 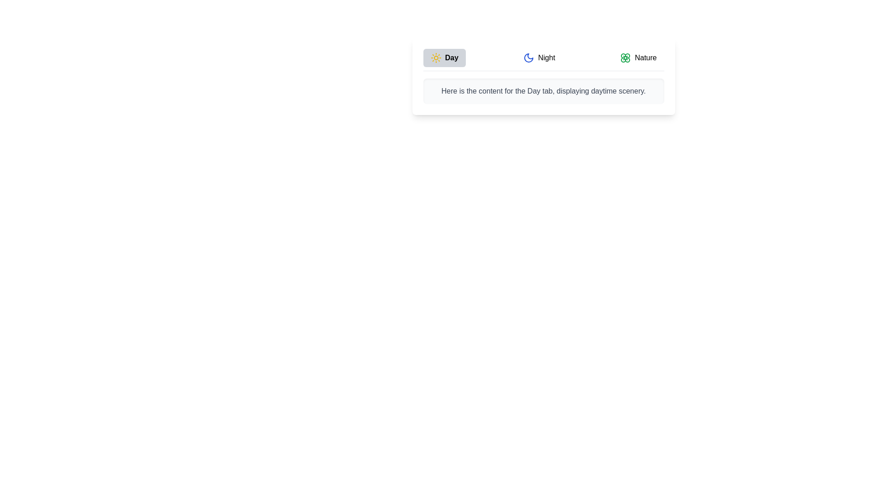 I want to click on the Day tab by clicking on its respective button, so click(x=444, y=58).